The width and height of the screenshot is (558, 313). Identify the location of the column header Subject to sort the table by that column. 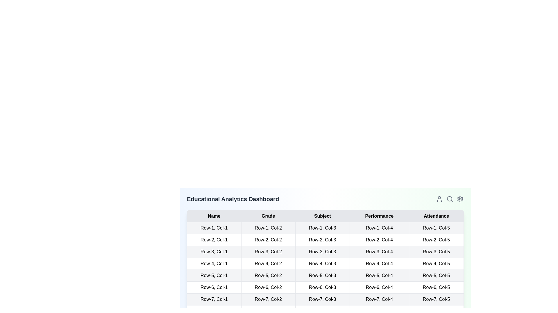
(322, 216).